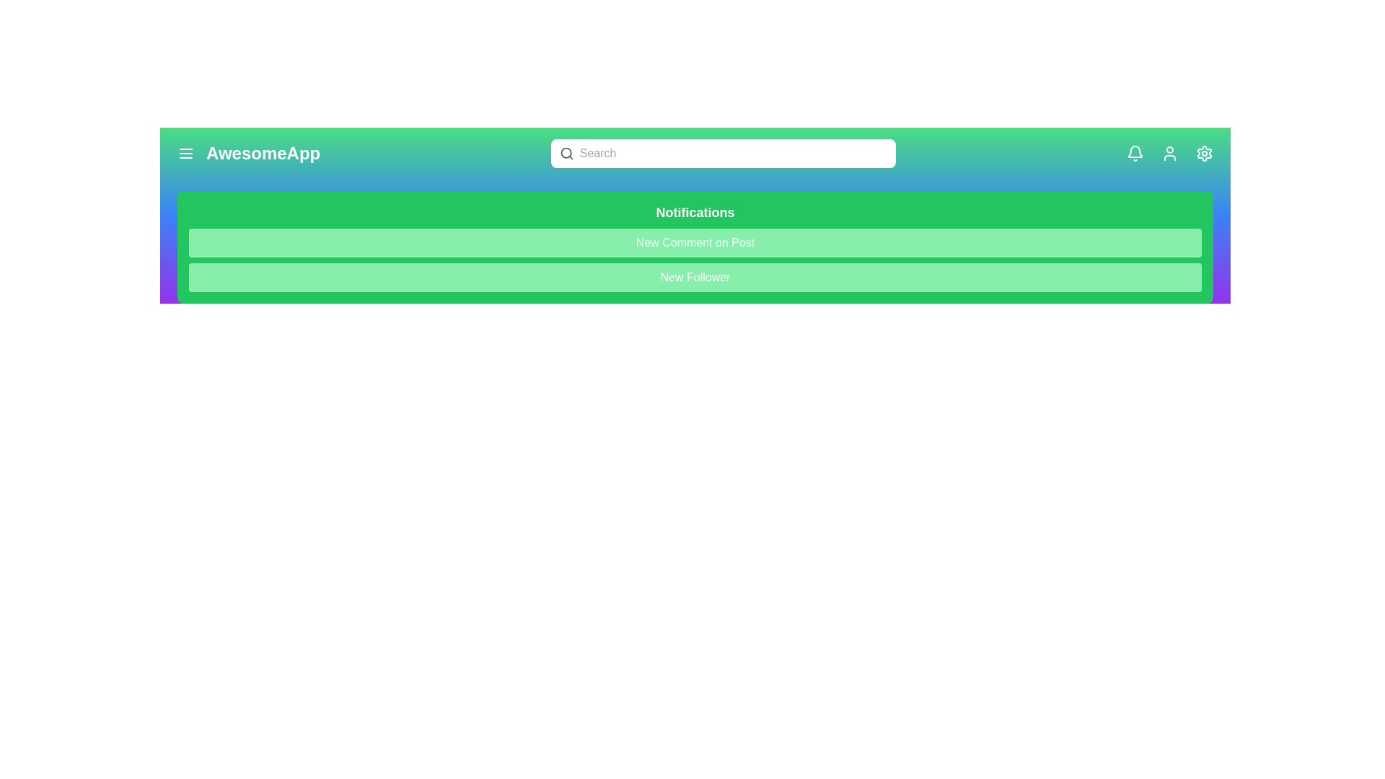 The height and width of the screenshot is (779, 1385). Describe the element at coordinates (1205, 153) in the screenshot. I see `the gear-shaped settings icon located at the far right of the navigation bar` at that location.